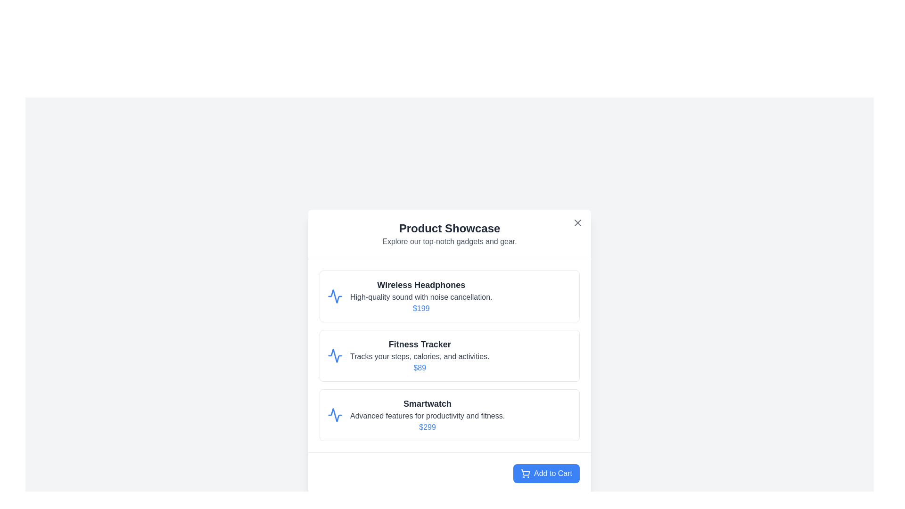 Image resolution: width=905 pixels, height=509 pixels. I want to click on the Header section of the modal, which serves as the title and descriptive summary for the content displayed below, so click(449, 234).